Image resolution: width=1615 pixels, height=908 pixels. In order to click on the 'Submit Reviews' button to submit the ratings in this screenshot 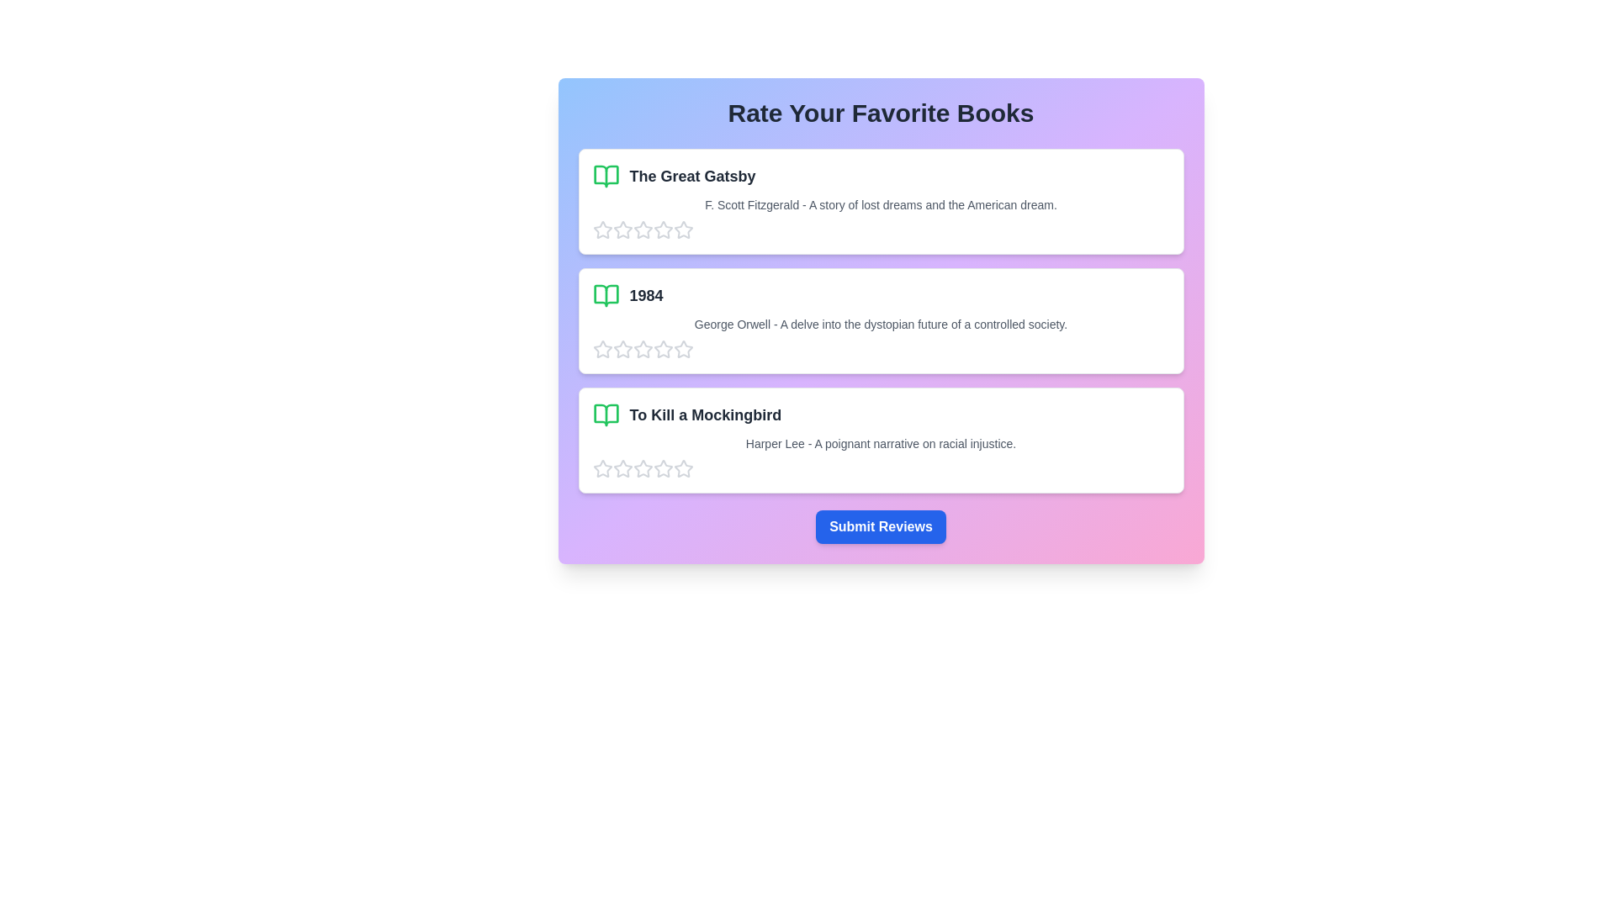, I will do `click(880, 526)`.